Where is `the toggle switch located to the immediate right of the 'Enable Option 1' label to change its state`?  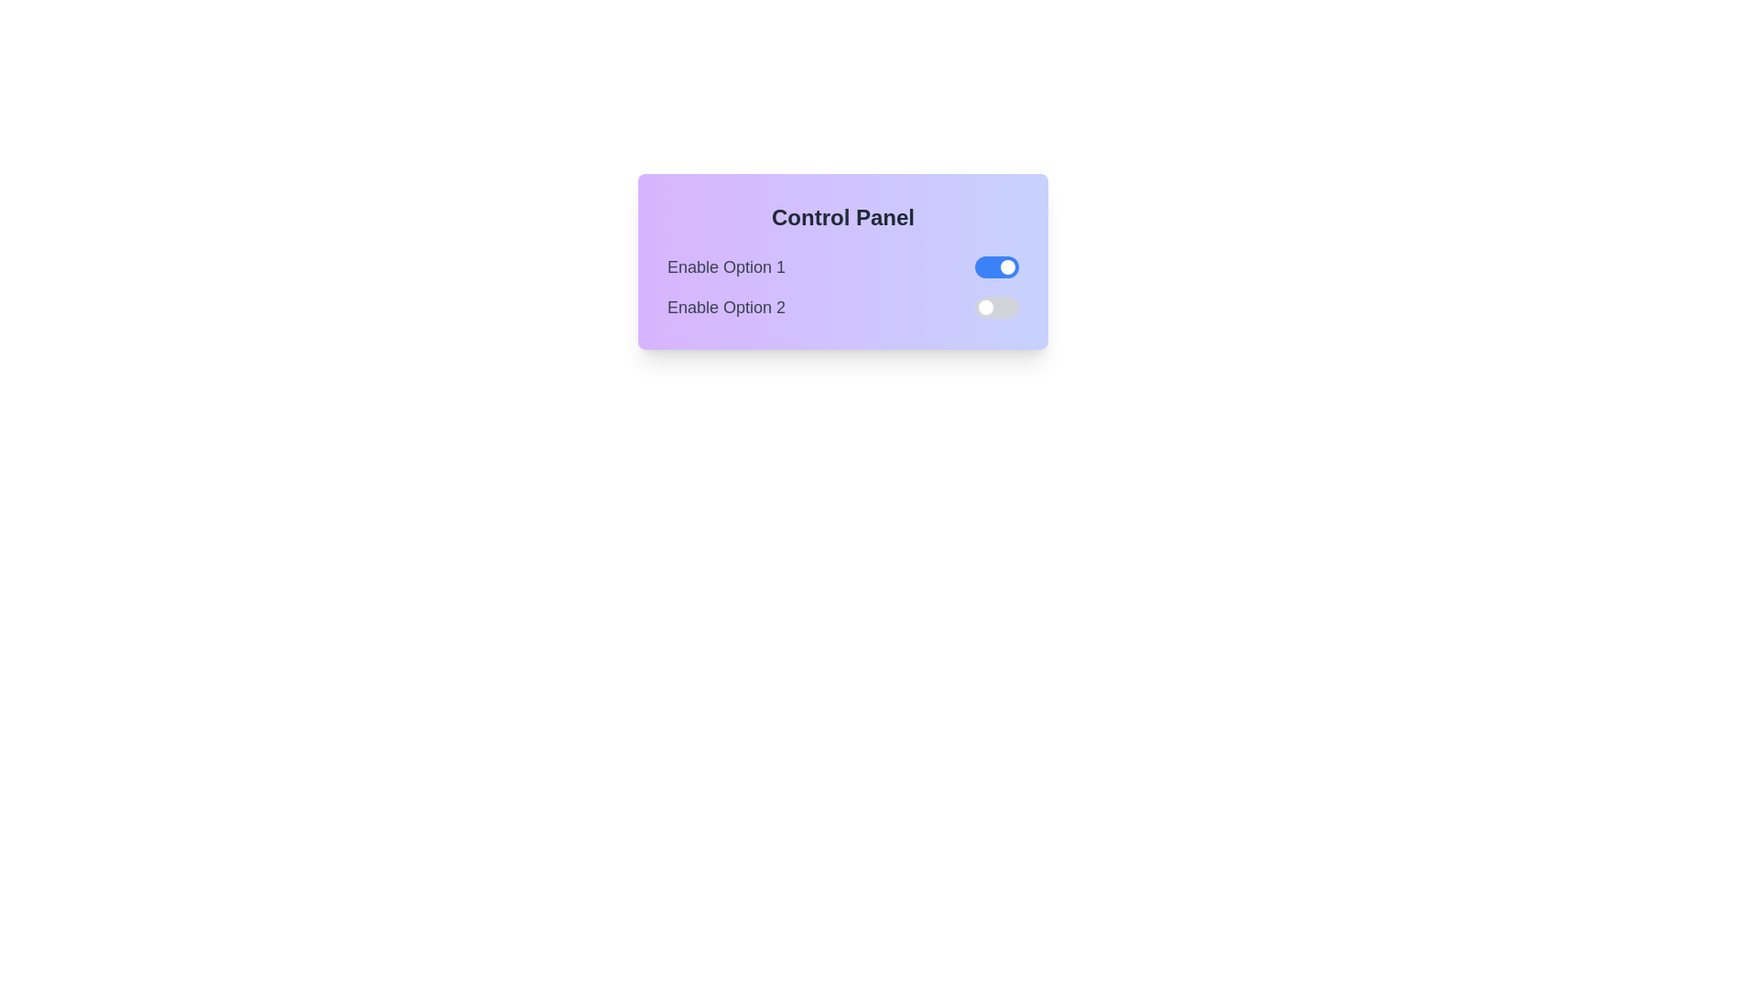 the toggle switch located to the immediate right of the 'Enable Option 1' label to change its state is located at coordinates (996, 267).